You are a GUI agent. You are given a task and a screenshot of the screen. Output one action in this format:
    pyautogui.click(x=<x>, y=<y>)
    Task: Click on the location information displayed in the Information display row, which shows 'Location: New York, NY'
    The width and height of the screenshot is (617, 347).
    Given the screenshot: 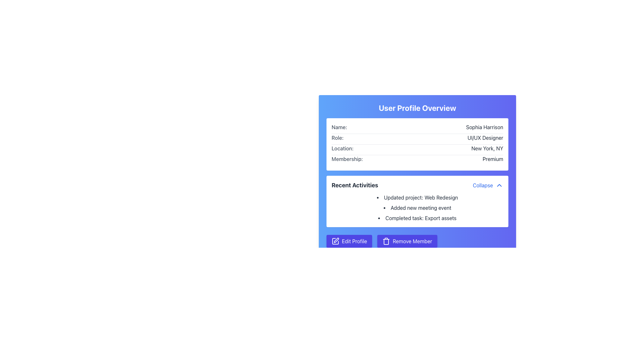 What is the action you would take?
    pyautogui.click(x=417, y=150)
    